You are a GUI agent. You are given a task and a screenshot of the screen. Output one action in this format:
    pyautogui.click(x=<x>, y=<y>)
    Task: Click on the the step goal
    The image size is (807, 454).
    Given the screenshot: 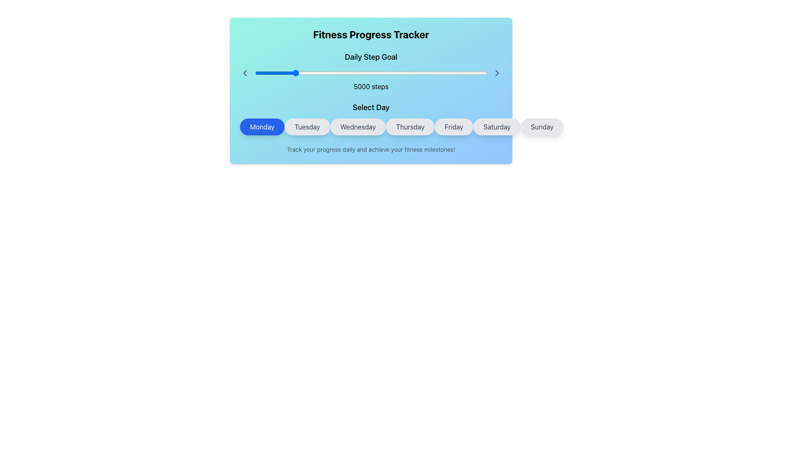 What is the action you would take?
    pyautogui.click(x=453, y=72)
    